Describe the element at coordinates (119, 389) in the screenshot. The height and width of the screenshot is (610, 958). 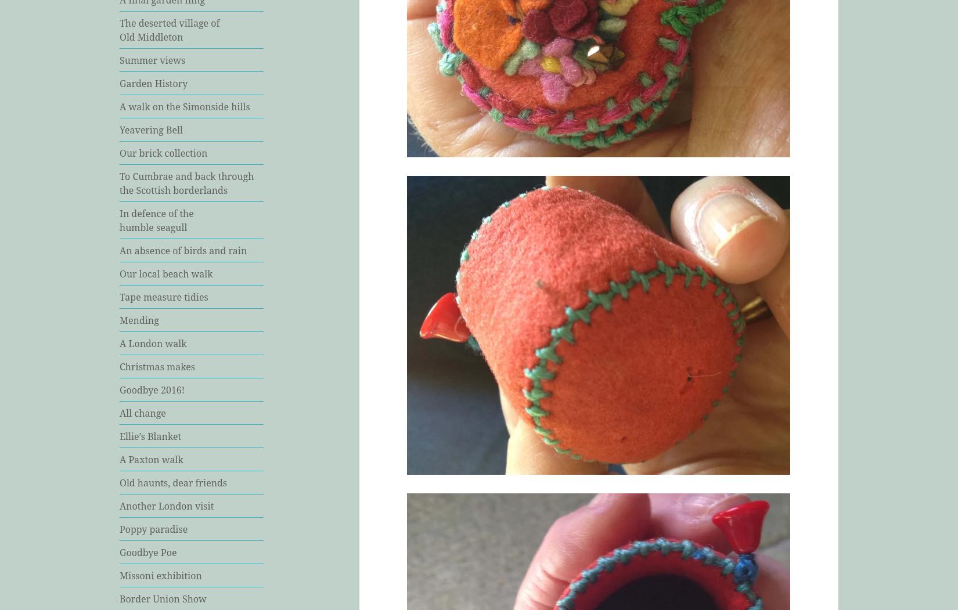
I see `'Goodbye 2016!'` at that location.